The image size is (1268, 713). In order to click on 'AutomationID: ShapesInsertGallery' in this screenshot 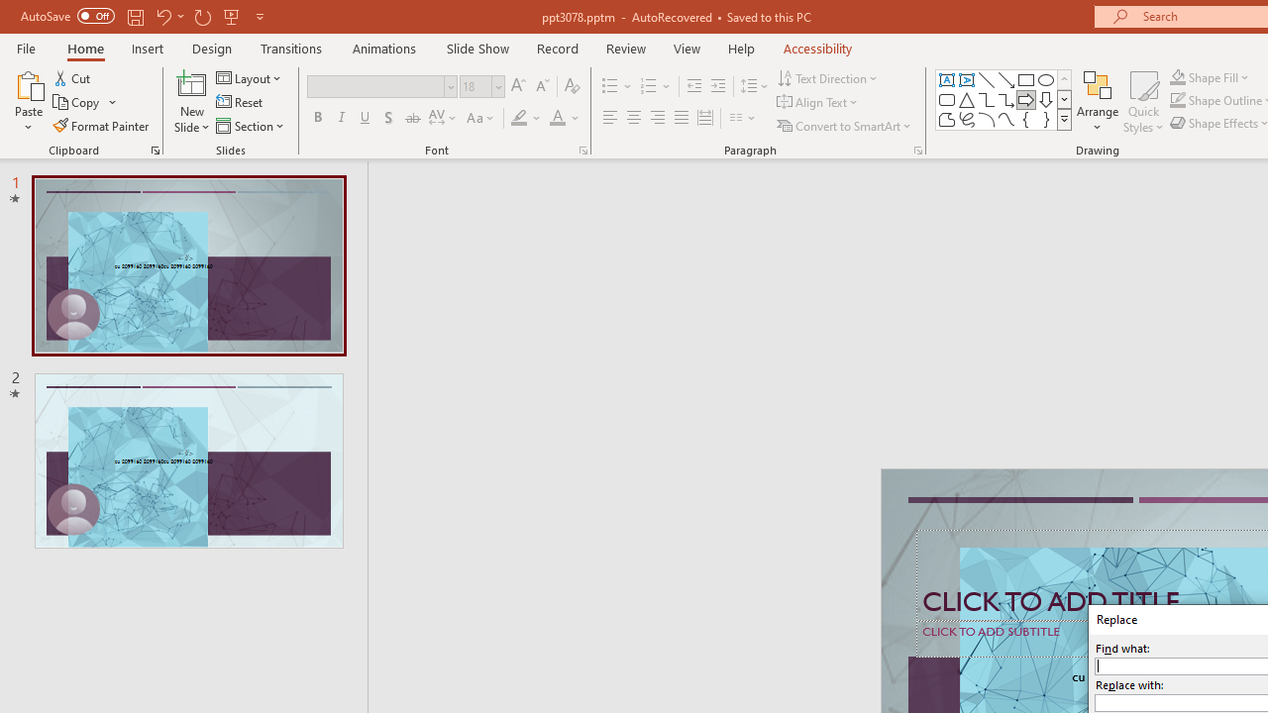, I will do `click(1004, 99)`.